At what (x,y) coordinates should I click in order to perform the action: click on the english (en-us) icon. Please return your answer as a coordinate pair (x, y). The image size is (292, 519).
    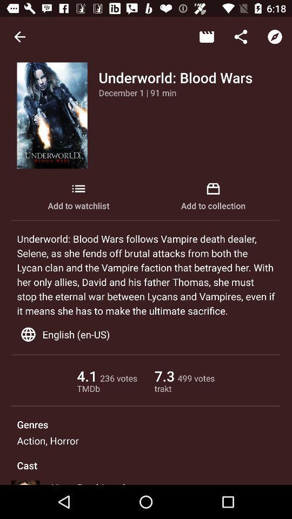
    Looking at the image, I should click on (146, 334).